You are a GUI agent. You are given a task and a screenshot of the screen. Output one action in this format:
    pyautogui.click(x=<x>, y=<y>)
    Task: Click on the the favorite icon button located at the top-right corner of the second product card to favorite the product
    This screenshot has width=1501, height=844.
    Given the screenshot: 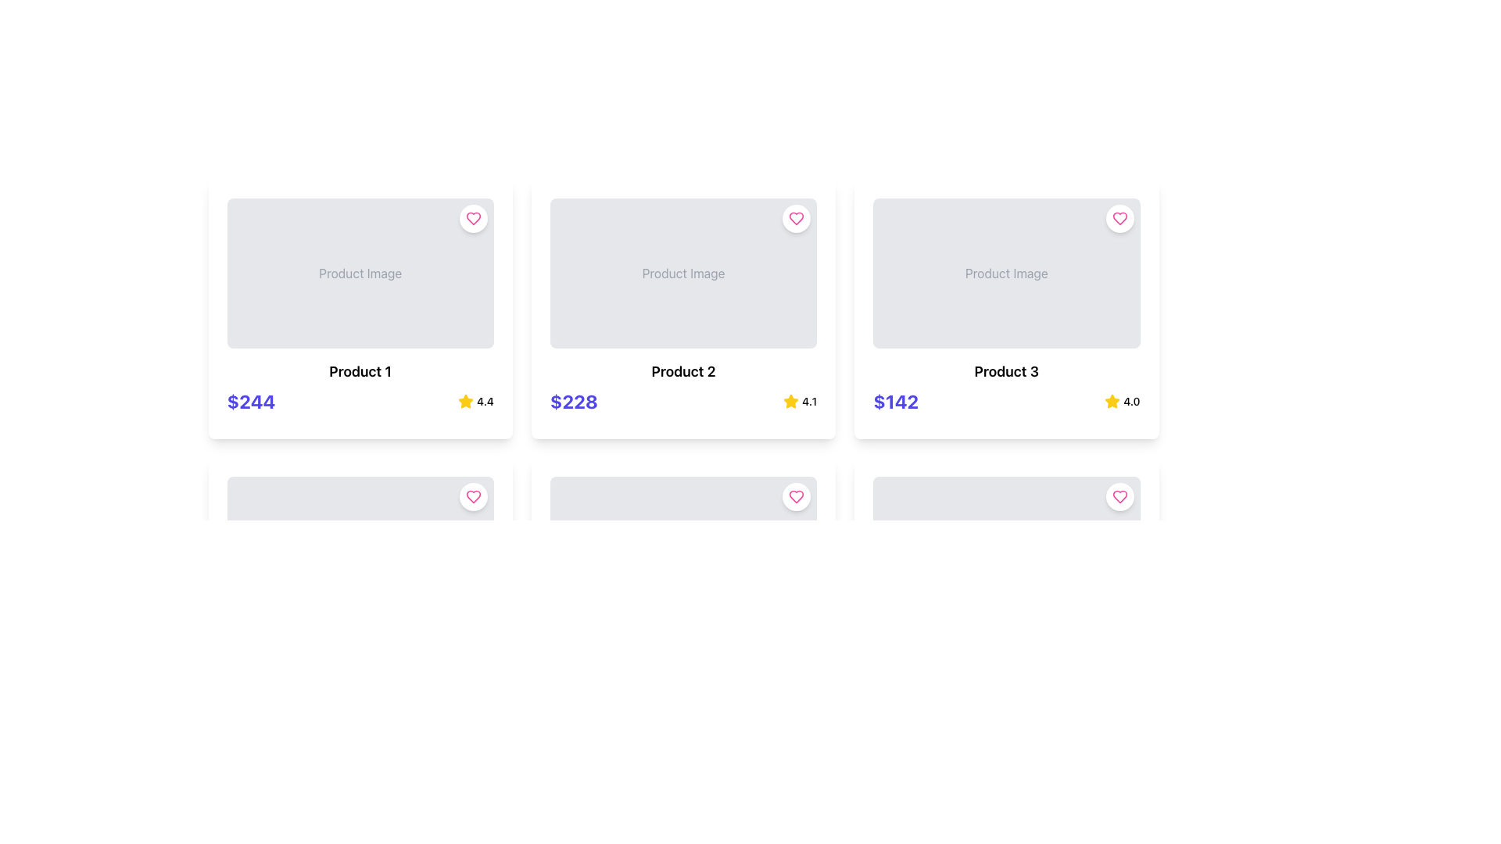 What is the action you would take?
    pyautogui.click(x=797, y=219)
    